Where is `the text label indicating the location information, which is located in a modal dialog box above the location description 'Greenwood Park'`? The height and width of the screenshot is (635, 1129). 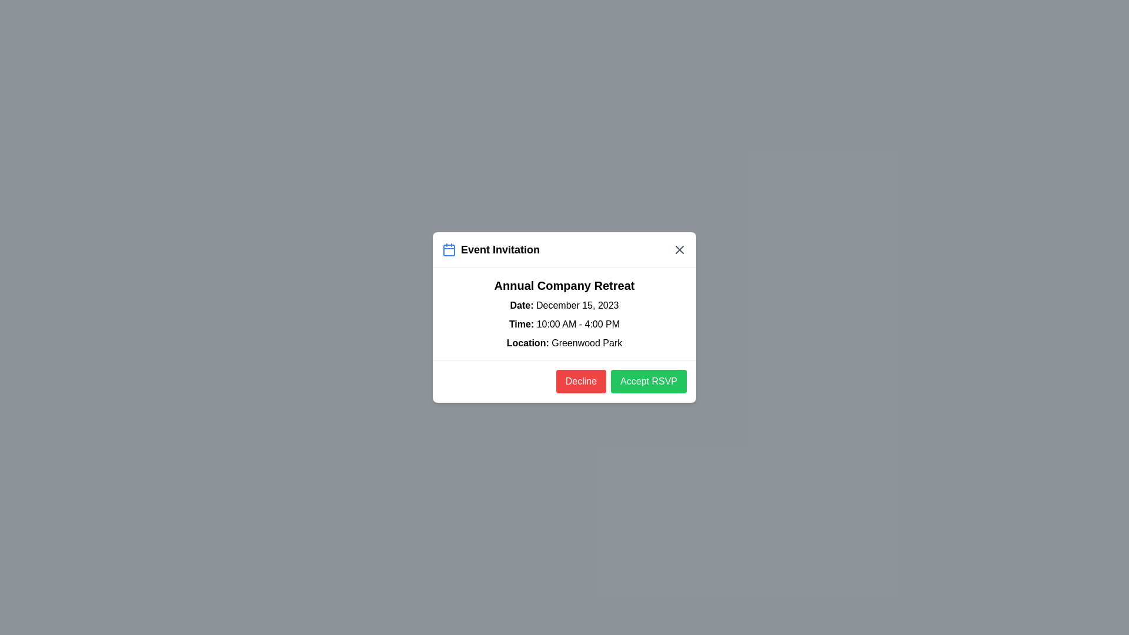 the text label indicating the location information, which is located in a modal dialog box above the location description 'Greenwood Park' is located at coordinates (528, 343).